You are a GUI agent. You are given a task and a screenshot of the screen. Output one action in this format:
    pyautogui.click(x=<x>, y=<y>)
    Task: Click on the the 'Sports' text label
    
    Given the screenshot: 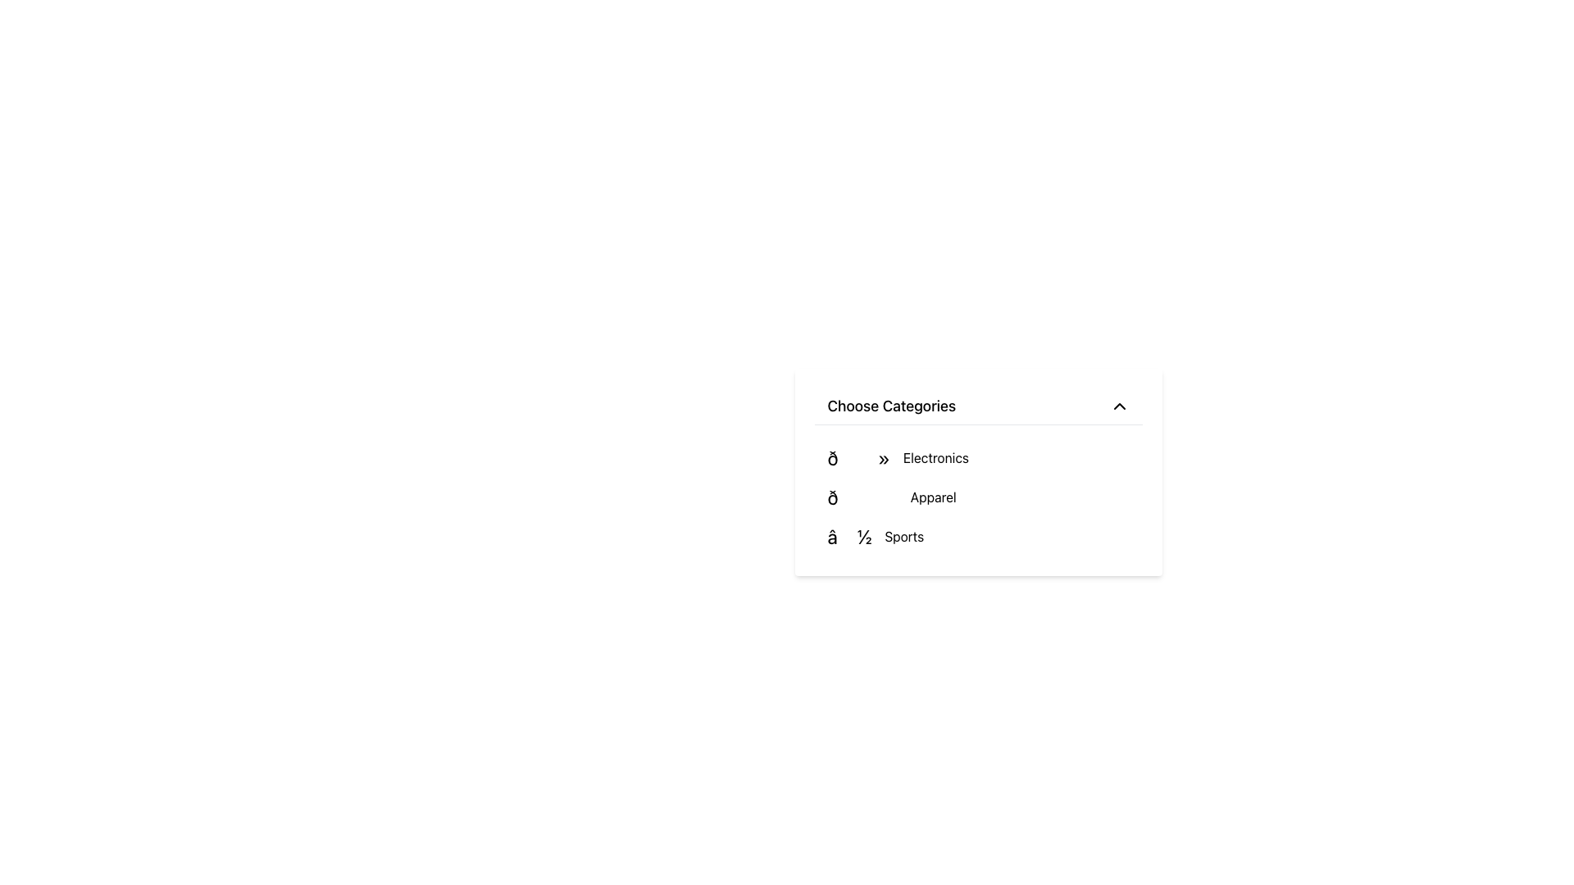 What is the action you would take?
    pyautogui.click(x=903, y=537)
    